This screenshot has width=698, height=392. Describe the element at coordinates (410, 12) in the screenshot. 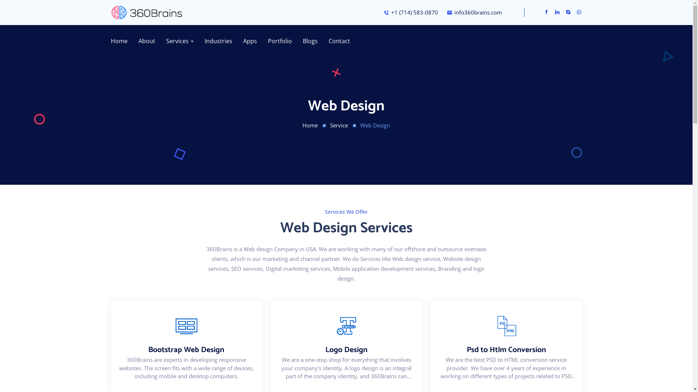

I see `'+1 (714) 583-0870'` at that location.